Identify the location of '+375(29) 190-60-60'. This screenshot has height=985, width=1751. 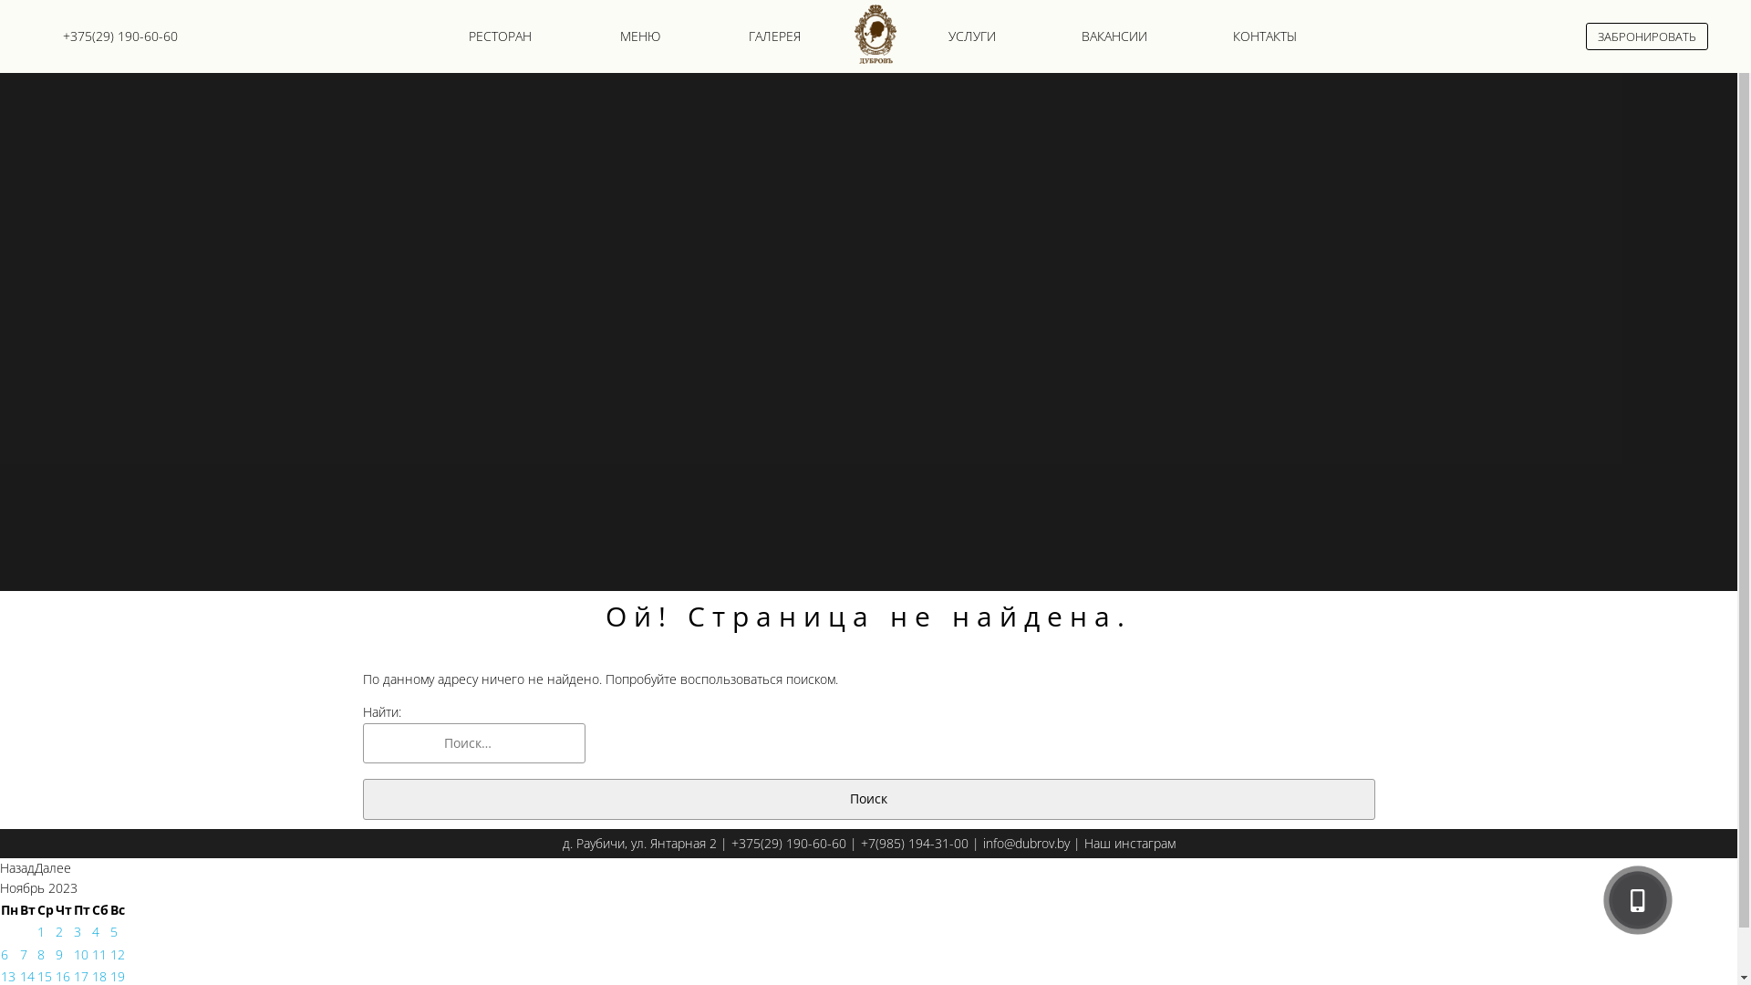
(62, 36).